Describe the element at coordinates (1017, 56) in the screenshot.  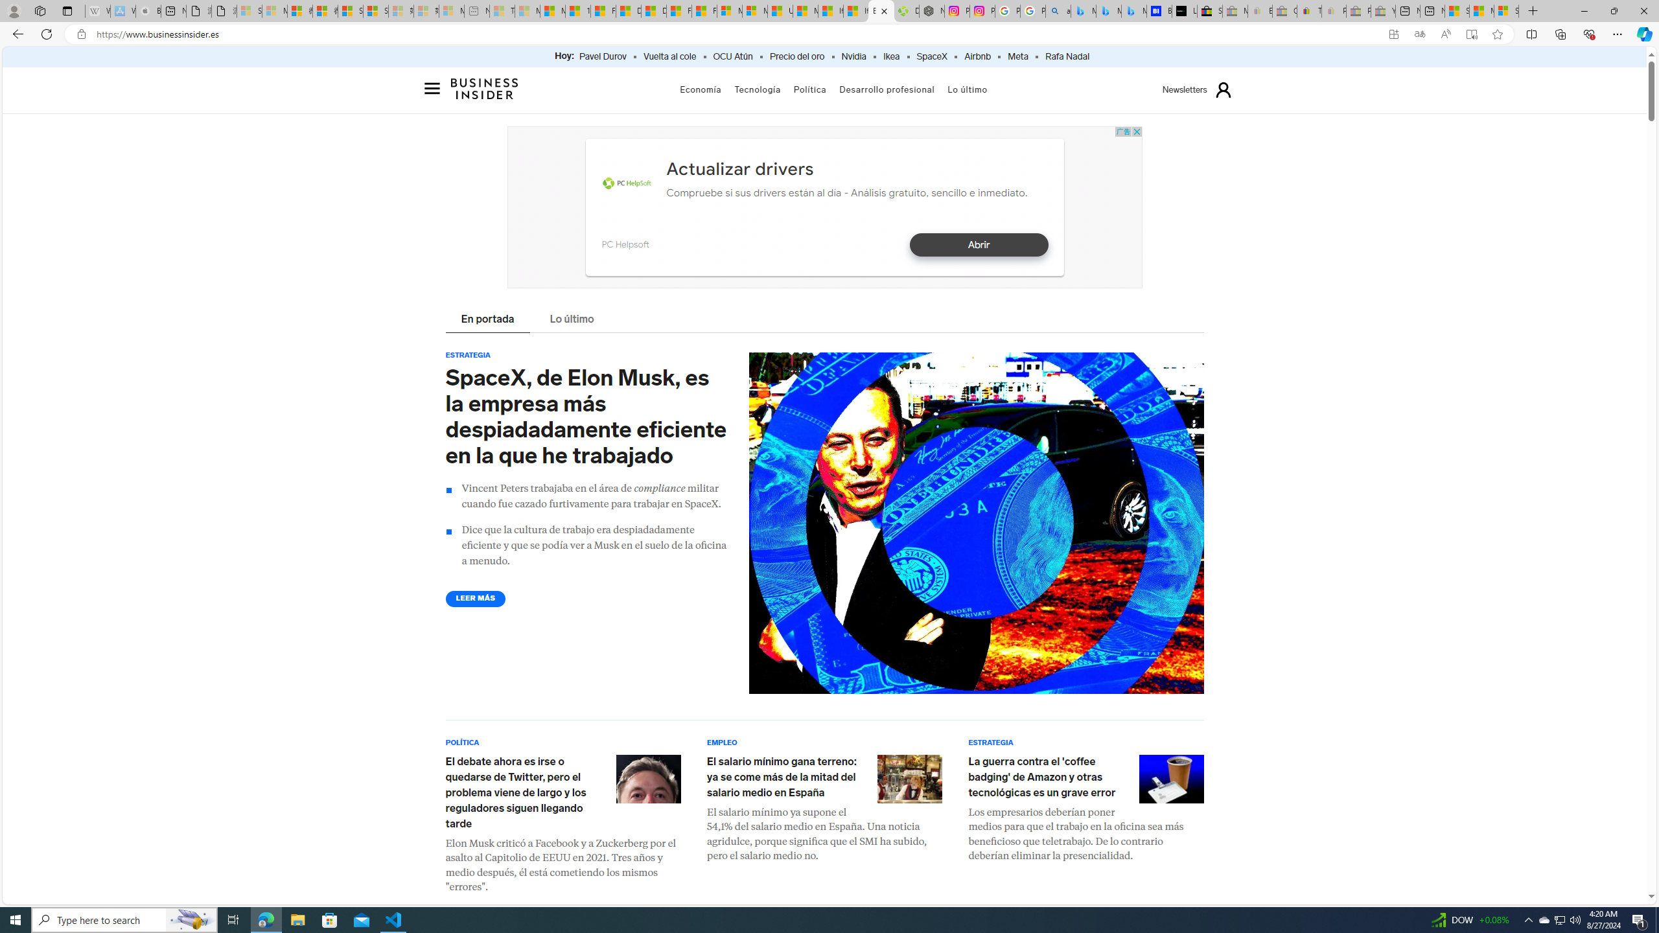
I see `'Meta'` at that location.